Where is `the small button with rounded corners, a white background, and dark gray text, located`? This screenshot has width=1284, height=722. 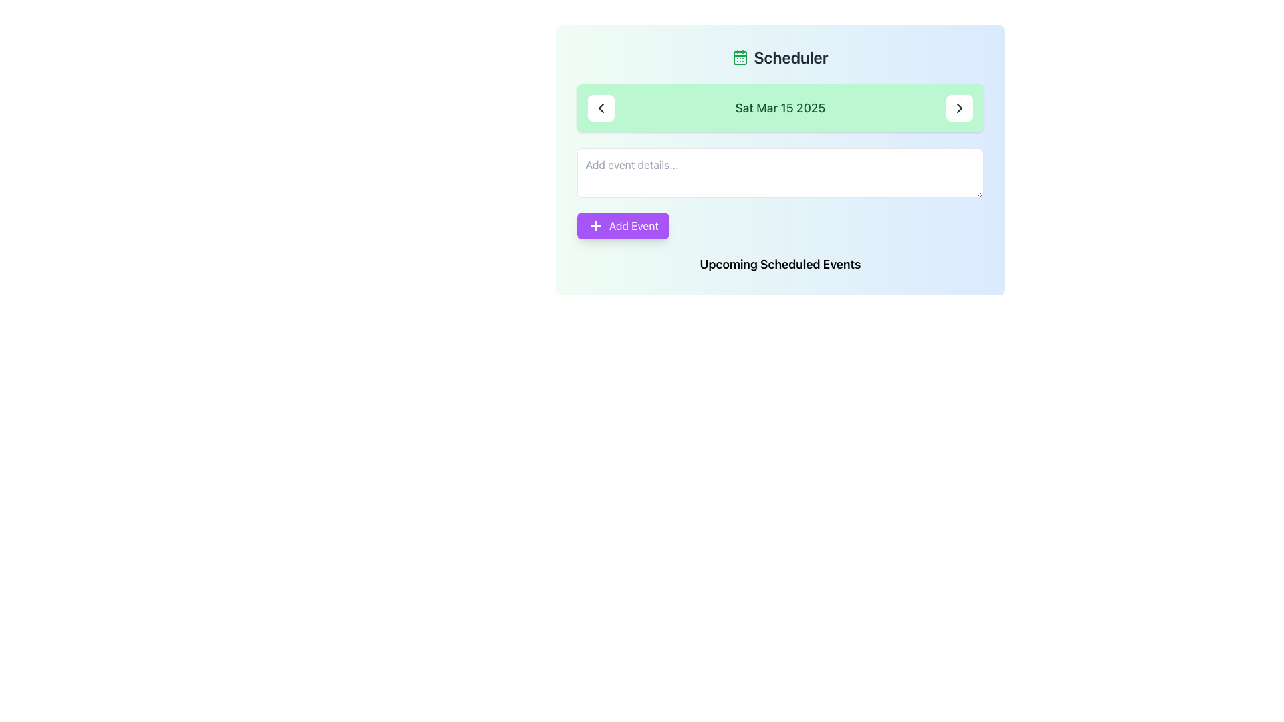 the small button with rounded corners, a white background, and dark gray text, located is located at coordinates (600, 108).